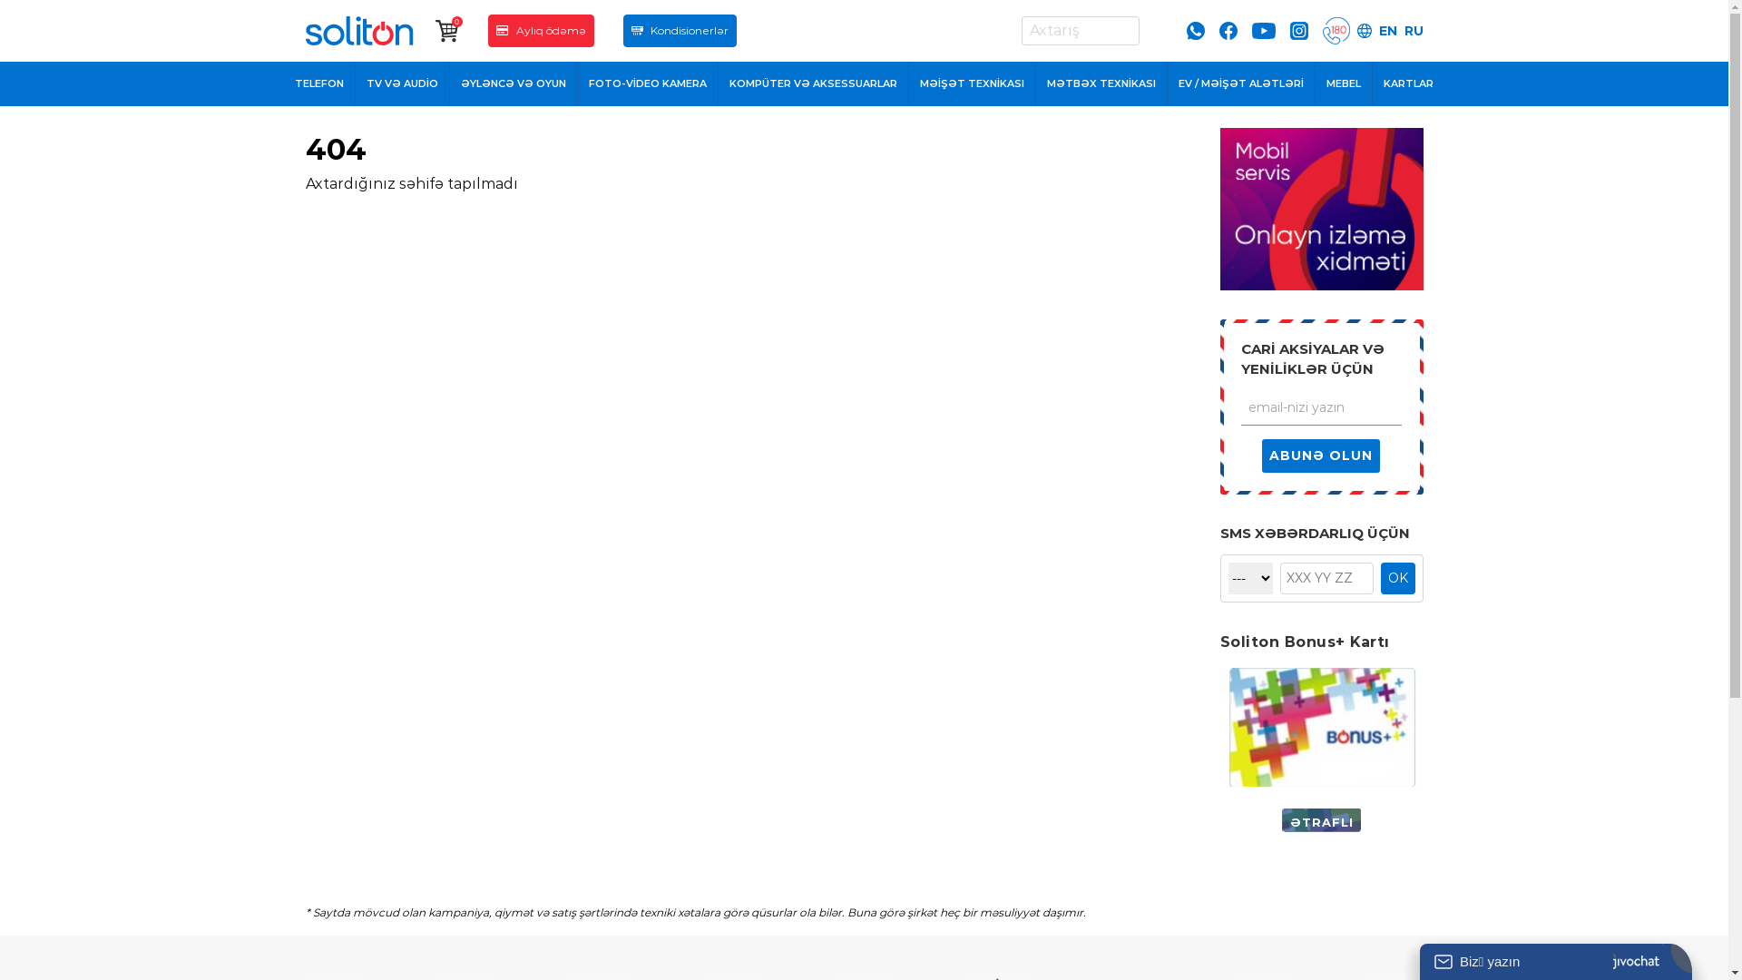 Image resolution: width=1742 pixels, height=980 pixels. I want to click on 'MEBEL', so click(1344, 83).